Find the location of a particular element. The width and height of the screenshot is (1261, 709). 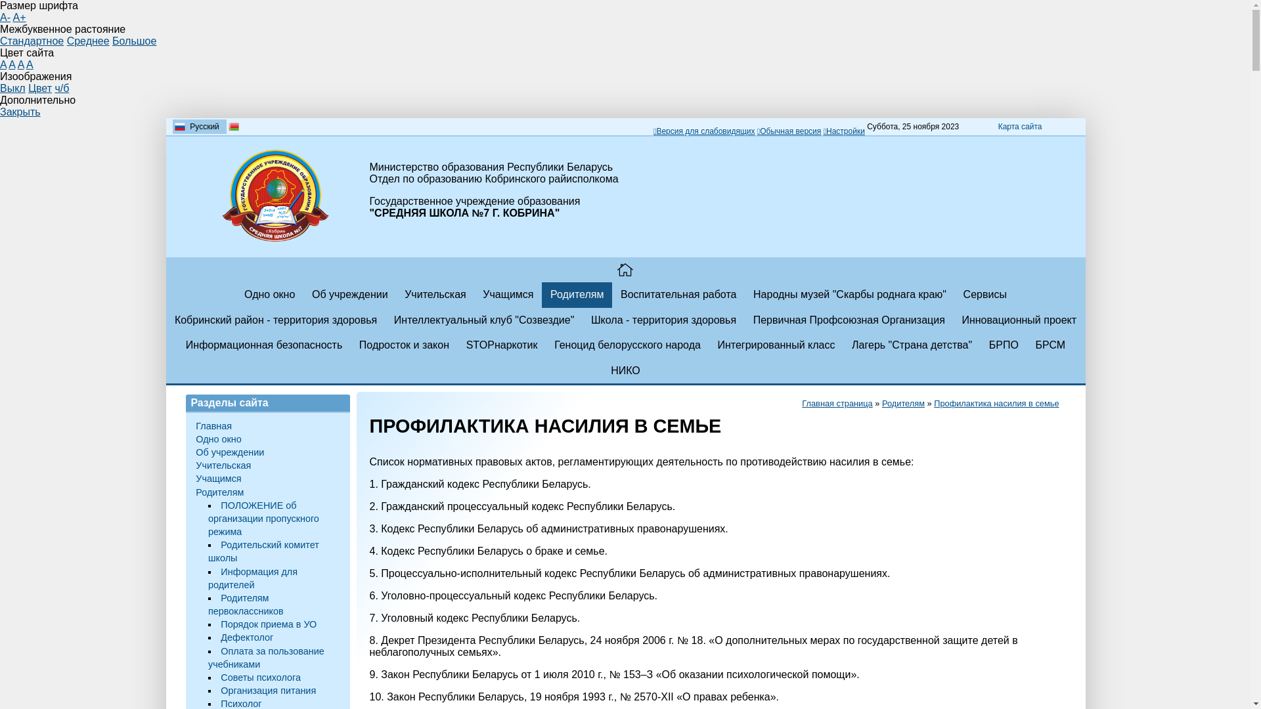

'A-' is located at coordinates (5, 17).